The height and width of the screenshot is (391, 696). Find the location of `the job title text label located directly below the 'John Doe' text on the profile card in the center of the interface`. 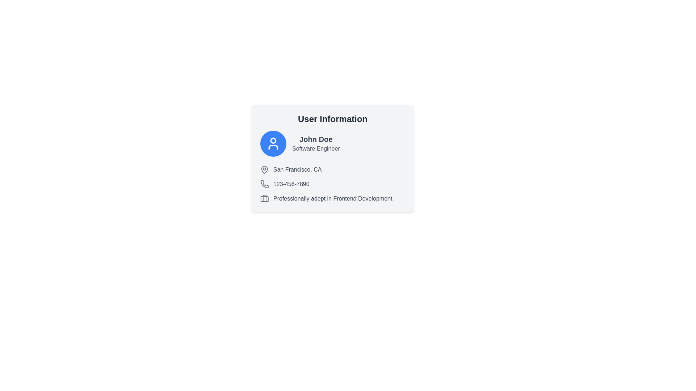

the job title text label located directly below the 'John Doe' text on the profile card in the center of the interface is located at coordinates (316, 148).